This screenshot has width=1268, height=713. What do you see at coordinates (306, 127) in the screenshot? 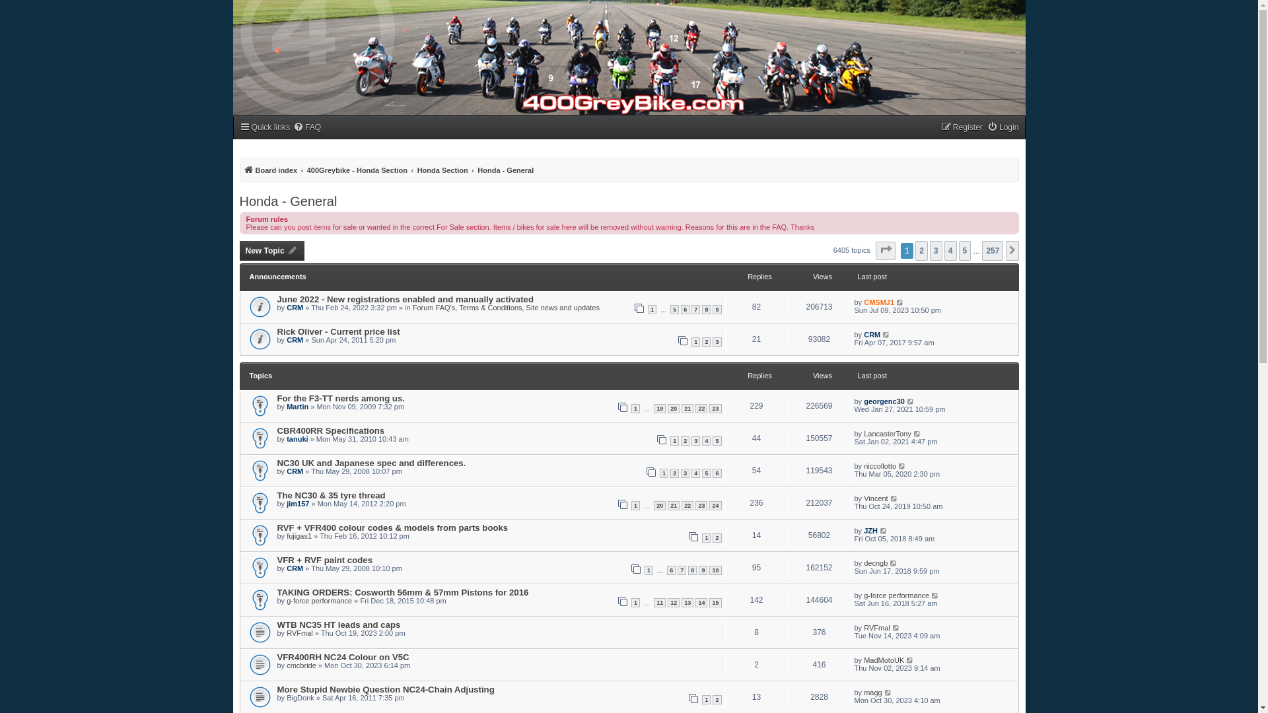
I see `'FAQ'` at bounding box center [306, 127].